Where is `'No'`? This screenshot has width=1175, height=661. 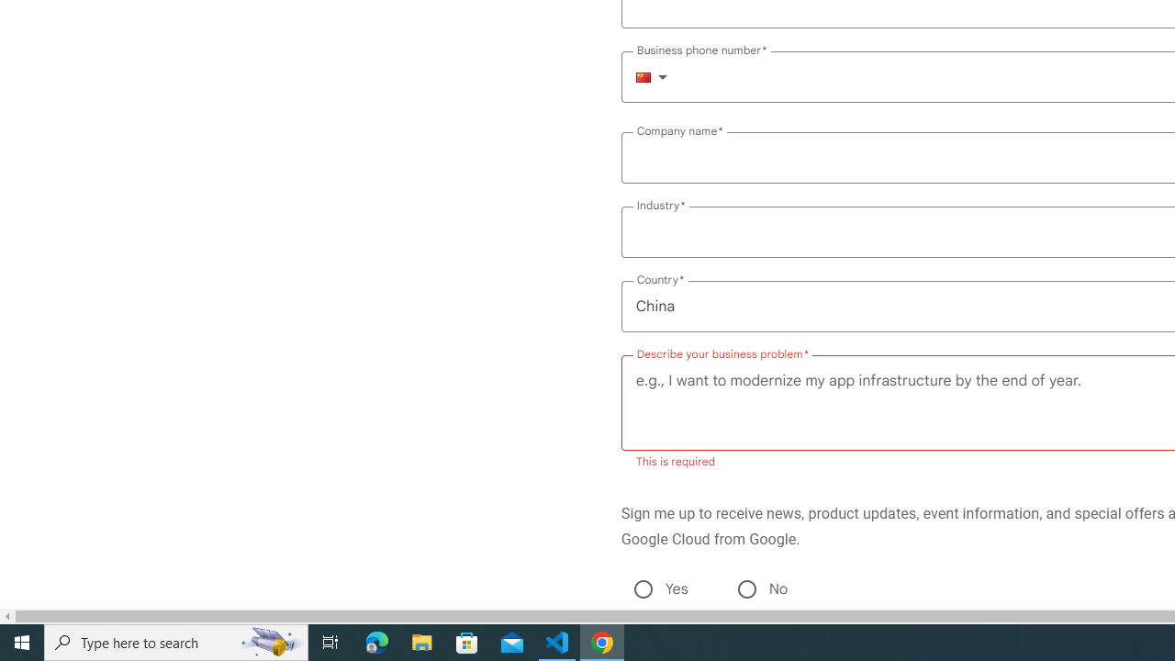 'No' is located at coordinates (746, 588).